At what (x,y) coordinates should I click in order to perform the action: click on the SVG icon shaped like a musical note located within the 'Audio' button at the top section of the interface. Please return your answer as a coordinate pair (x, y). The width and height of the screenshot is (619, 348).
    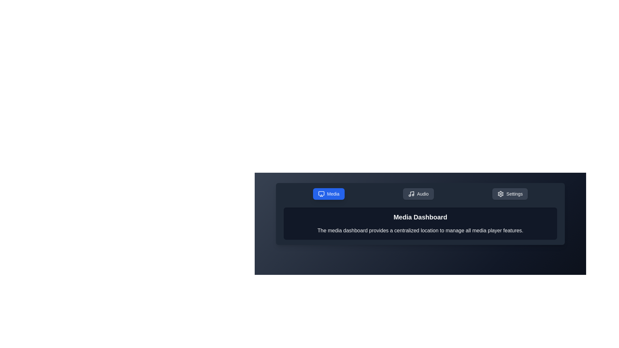
    Looking at the image, I should click on (411, 193).